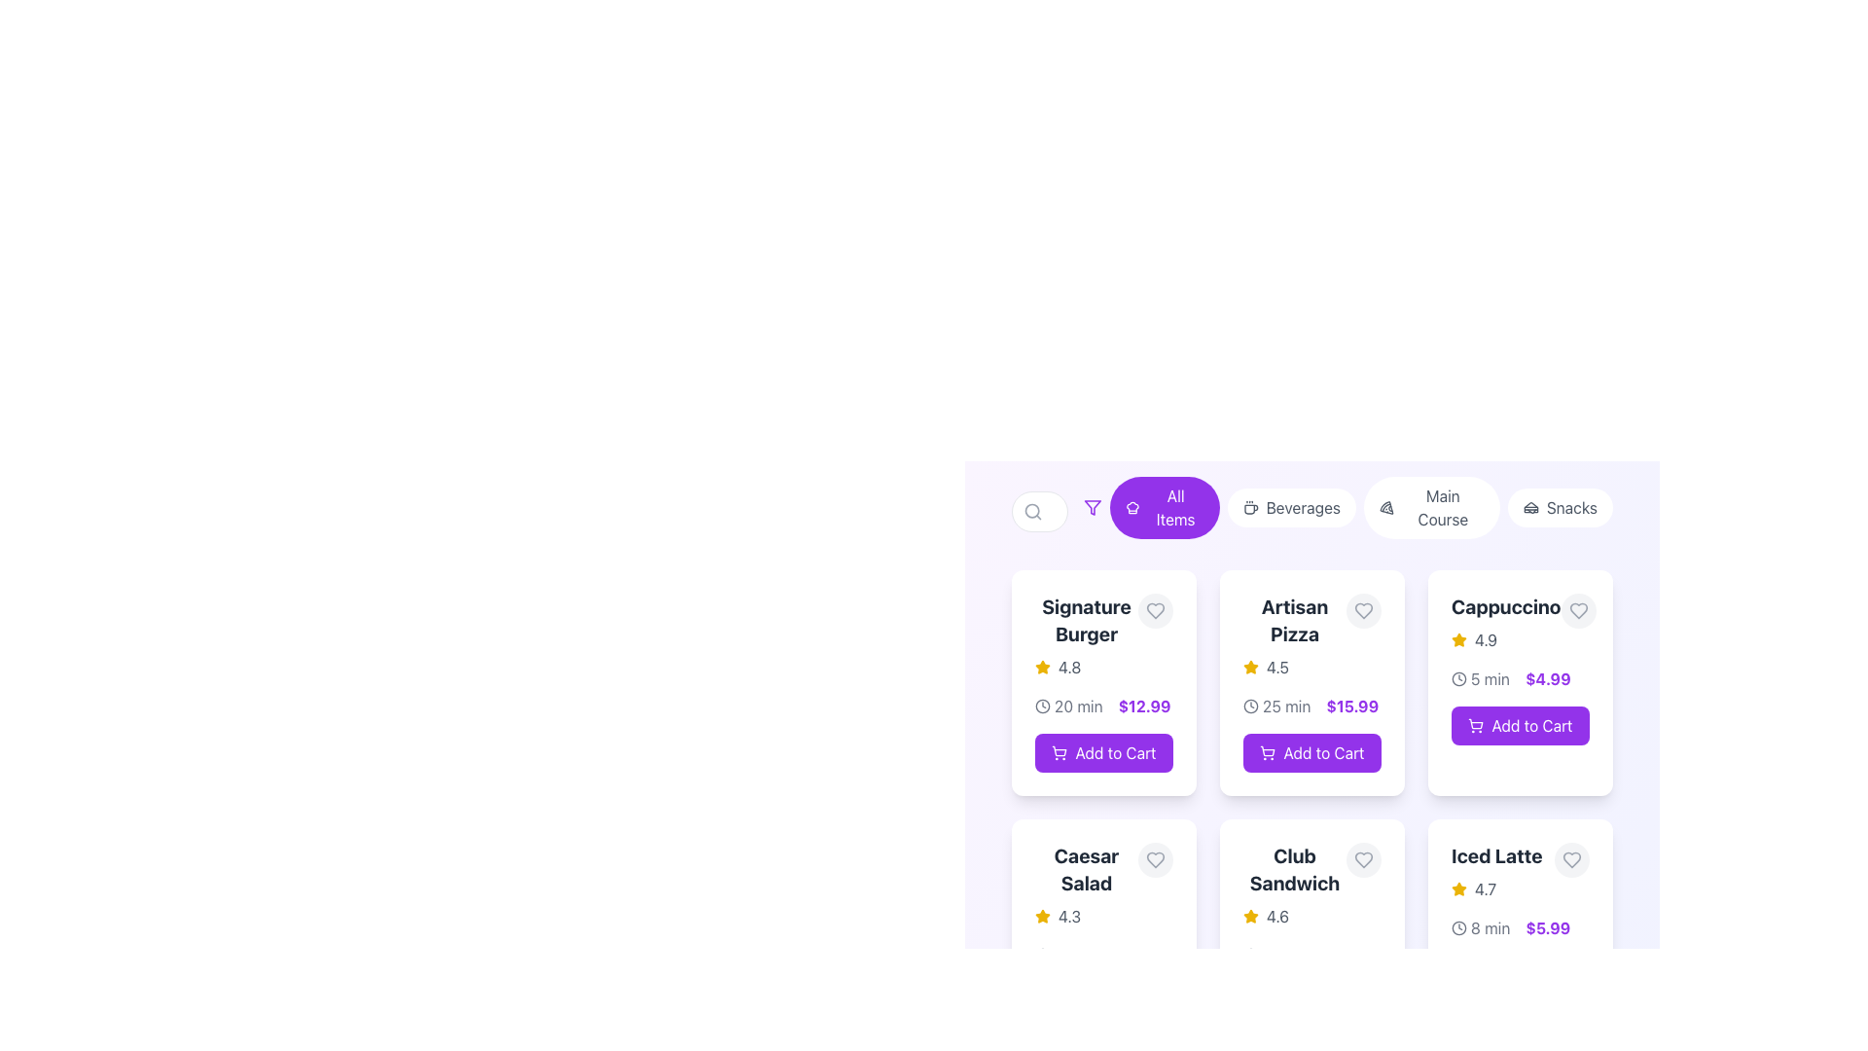 Image resolution: width=1868 pixels, height=1051 pixels. Describe the element at coordinates (1458, 678) in the screenshot. I see `the SVG circle element that serves as a visual component of the clock icon located in the toolbar area at the top of the interface` at that location.